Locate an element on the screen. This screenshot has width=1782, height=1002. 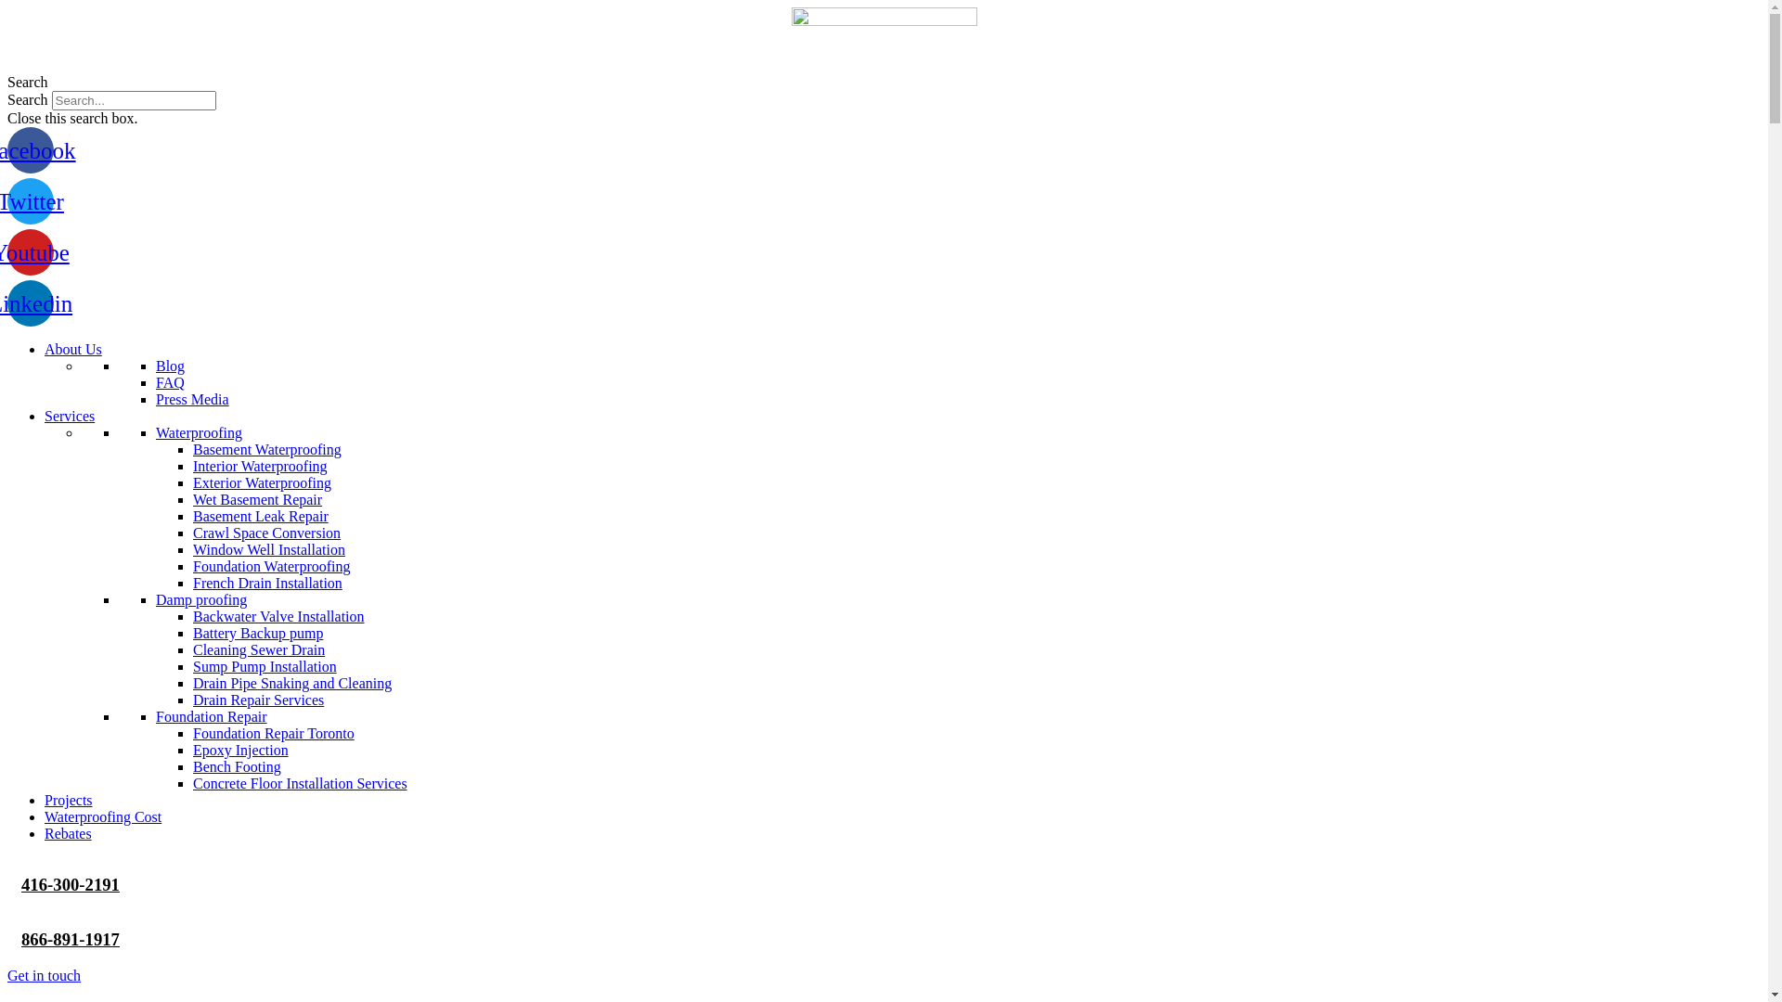
'Exterior Waterproofing' is located at coordinates (261, 482).